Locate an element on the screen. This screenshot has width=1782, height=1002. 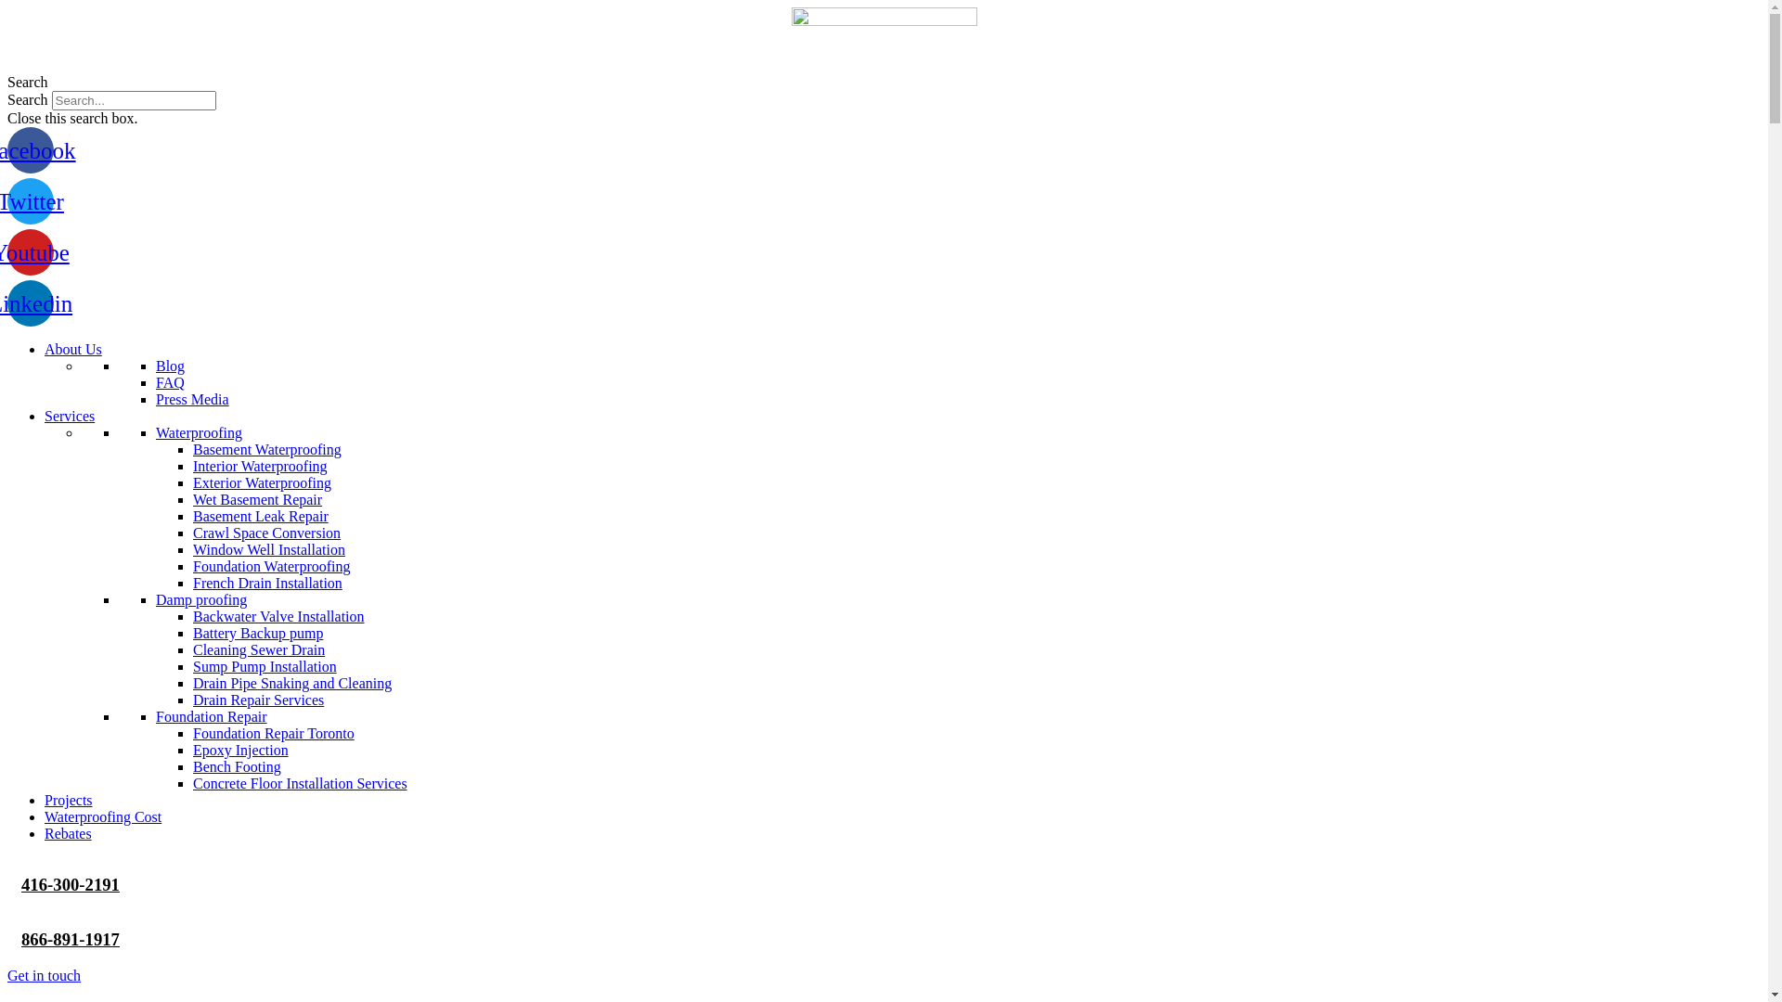
'Exterior Waterproofing' is located at coordinates (261, 482).